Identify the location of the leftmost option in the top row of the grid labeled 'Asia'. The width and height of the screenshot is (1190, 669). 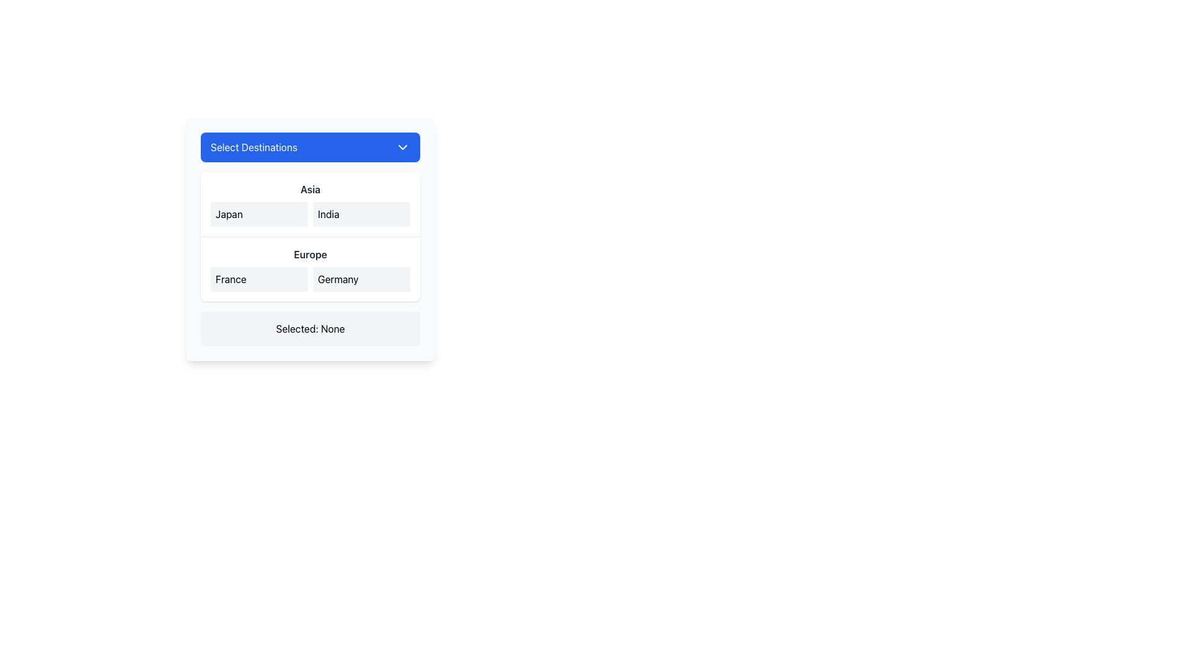
(258, 214).